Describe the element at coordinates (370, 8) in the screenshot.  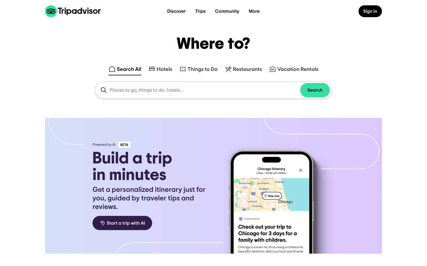
I see `the button in the top right to open sign-in page` at that location.